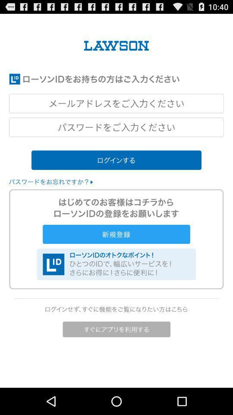  I want to click on type box, so click(116, 103).